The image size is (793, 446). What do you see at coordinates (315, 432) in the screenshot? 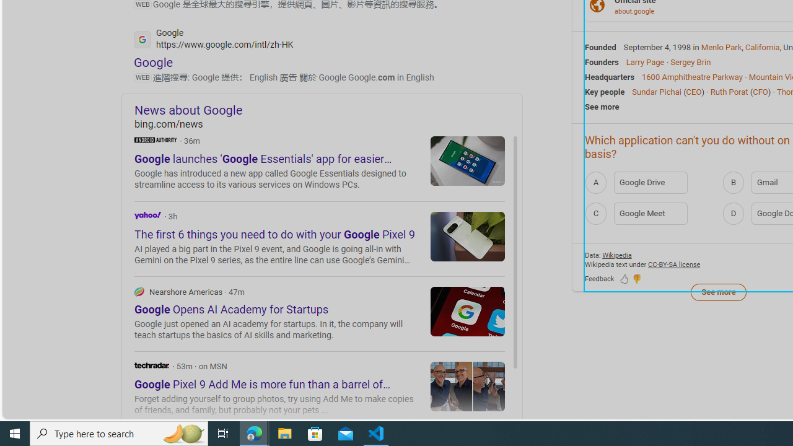
I see `'Microsoft Store'` at bounding box center [315, 432].